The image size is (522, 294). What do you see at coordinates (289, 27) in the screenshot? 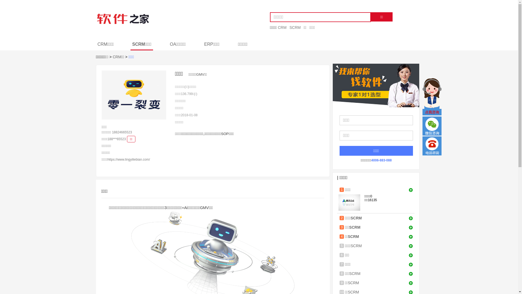
I see `'SCRM'` at bounding box center [289, 27].